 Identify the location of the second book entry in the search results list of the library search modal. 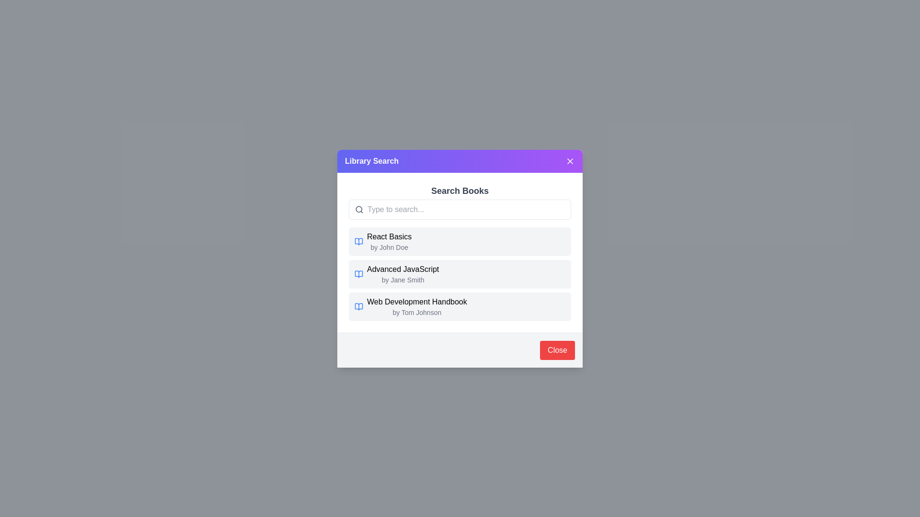
(460, 258).